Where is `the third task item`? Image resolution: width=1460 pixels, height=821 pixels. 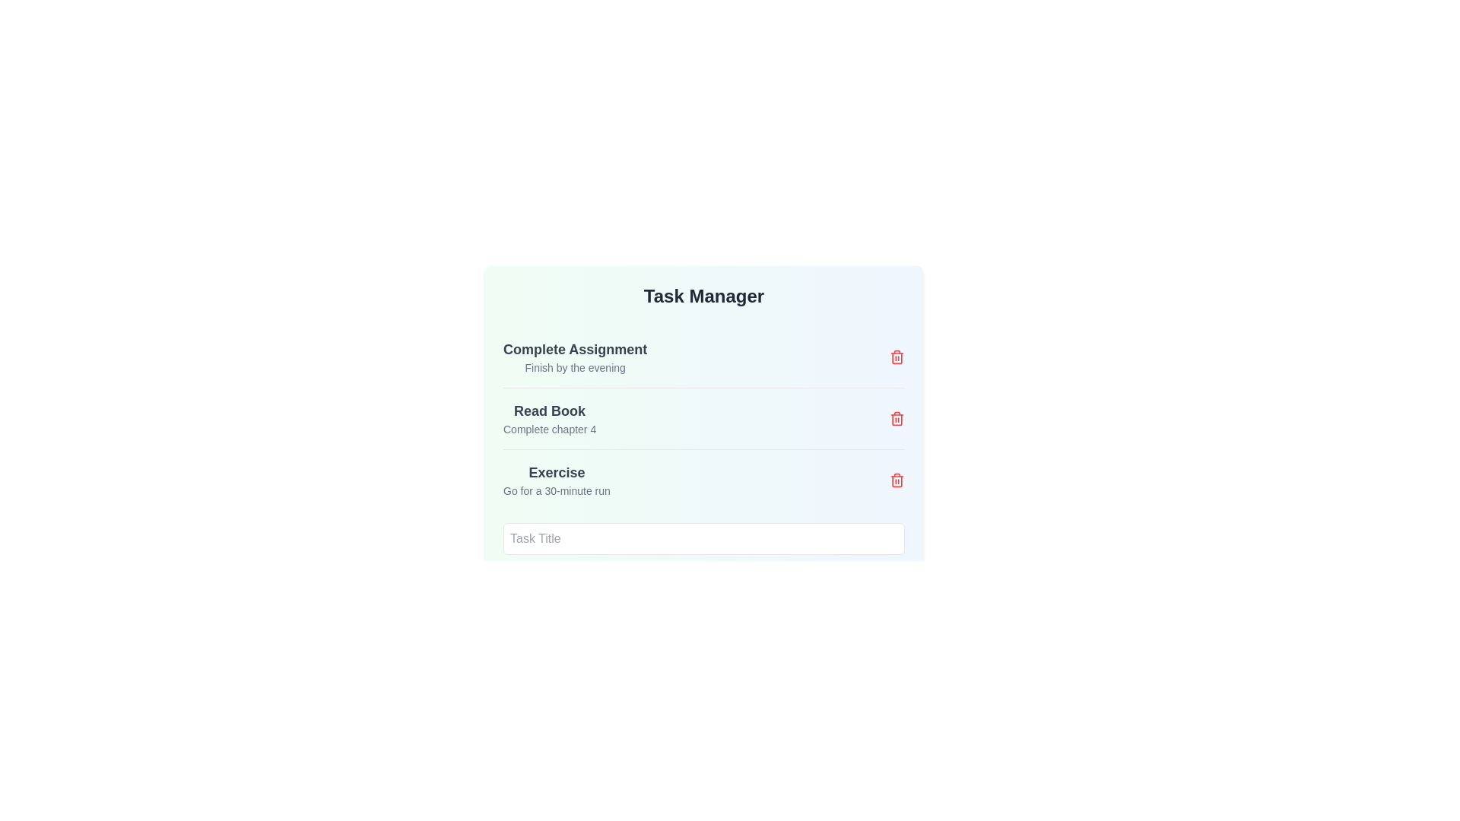
the third task item is located at coordinates (556, 480).